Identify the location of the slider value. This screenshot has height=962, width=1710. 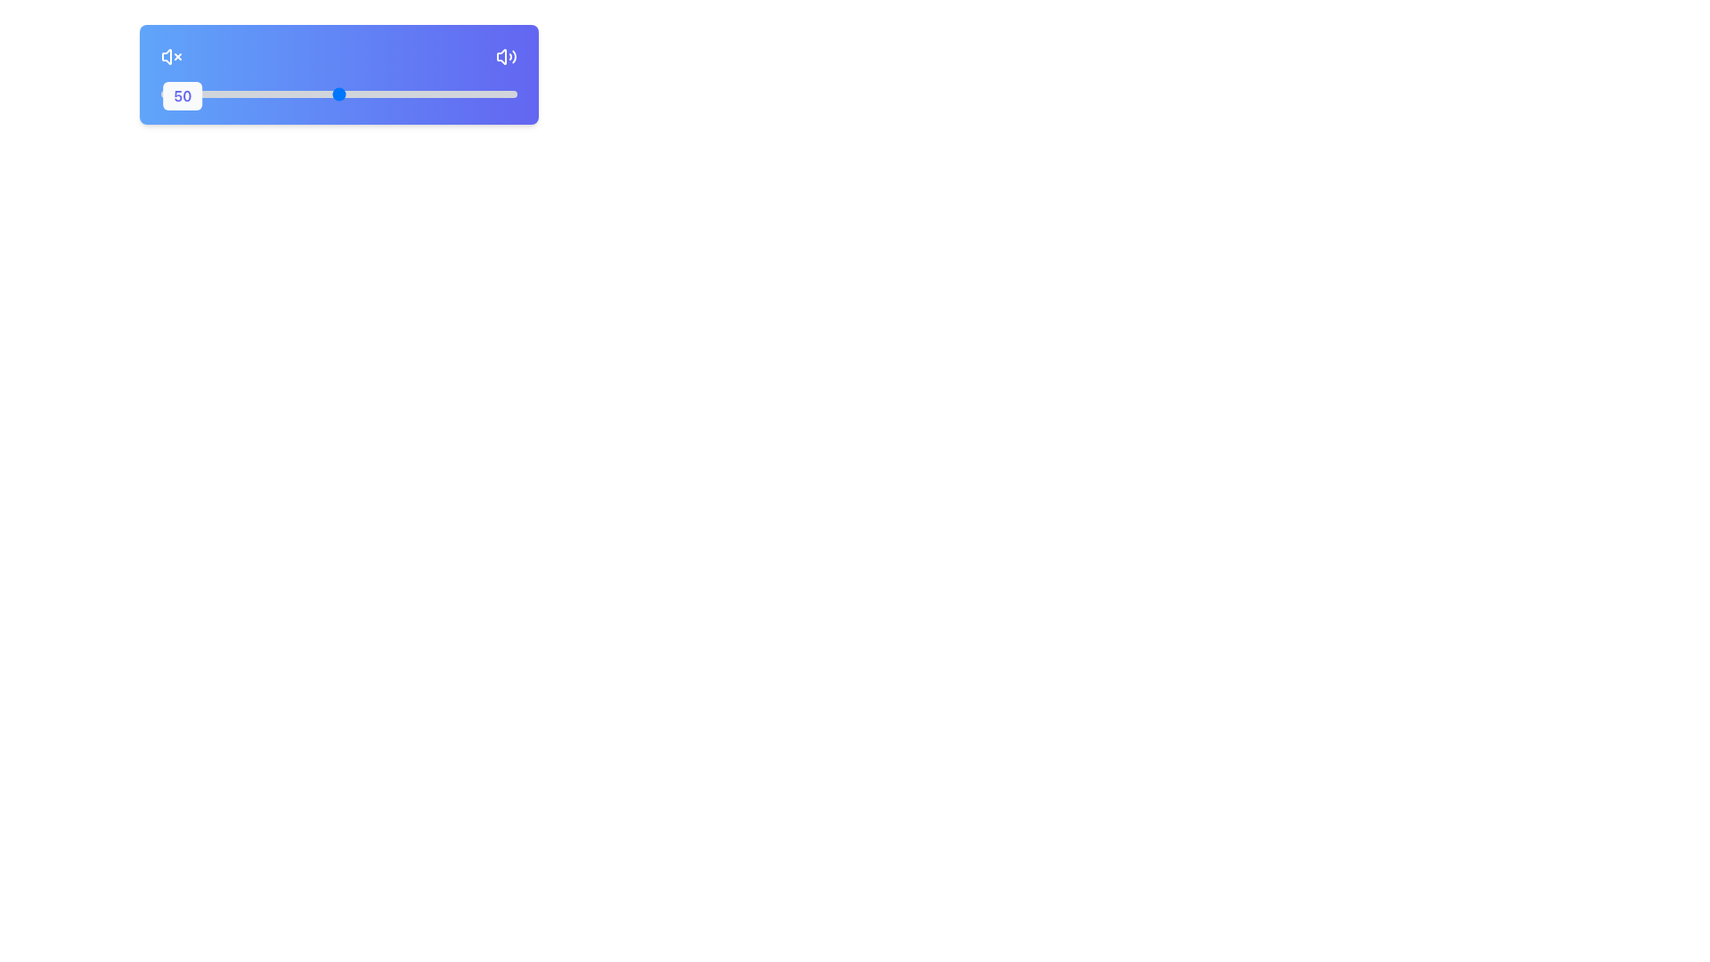
(488, 94).